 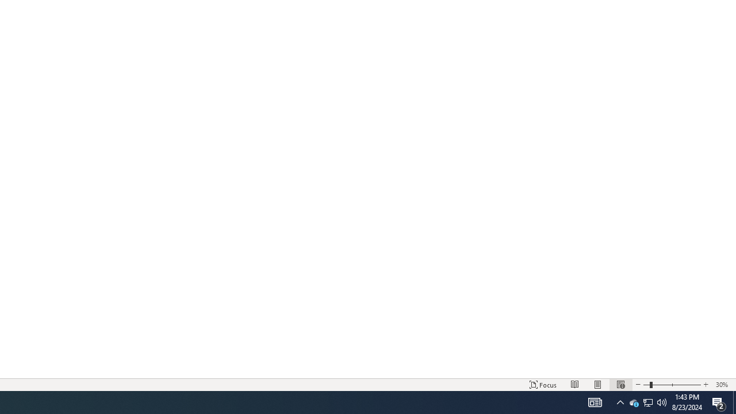 What do you see at coordinates (705, 385) in the screenshot?
I see `'Zoom In'` at bounding box center [705, 385].